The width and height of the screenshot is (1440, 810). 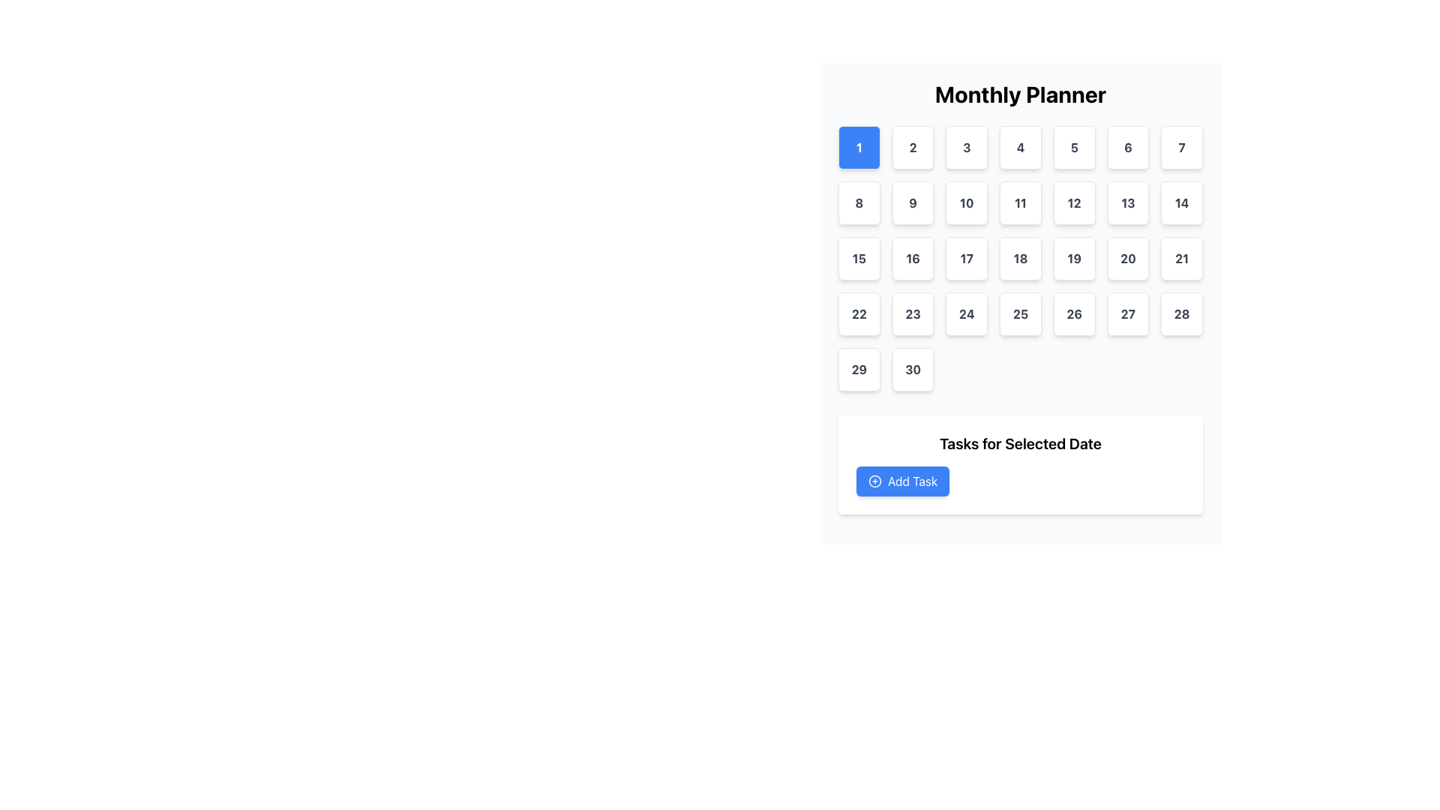 What do you see at coordinates (1128, 313) in the screenshot?
I see `the button that selects the date '27' in the monthly calendar view` at bounding box center [1128, 313].